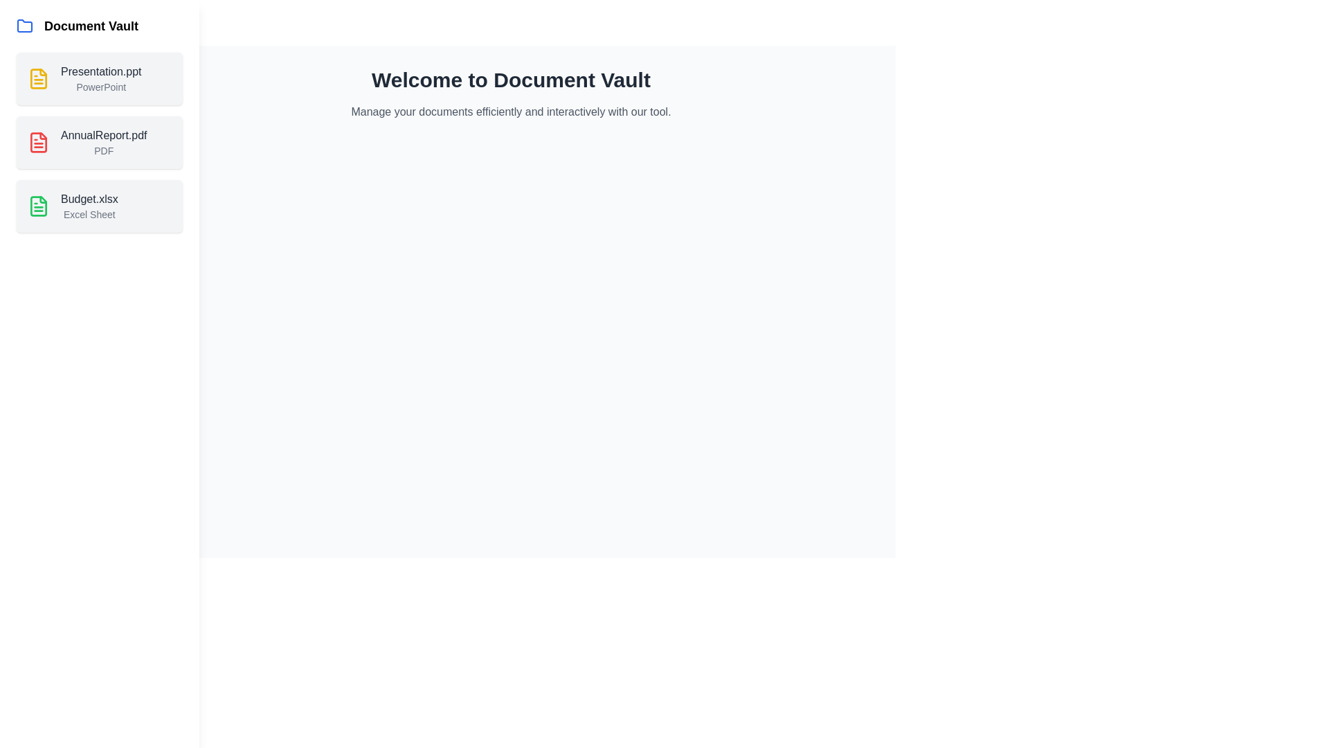 The image size is (1329, 748). I want to click on button located at the top-left corner of the screen to toggle the side drawer visibility, so click(27, 27).